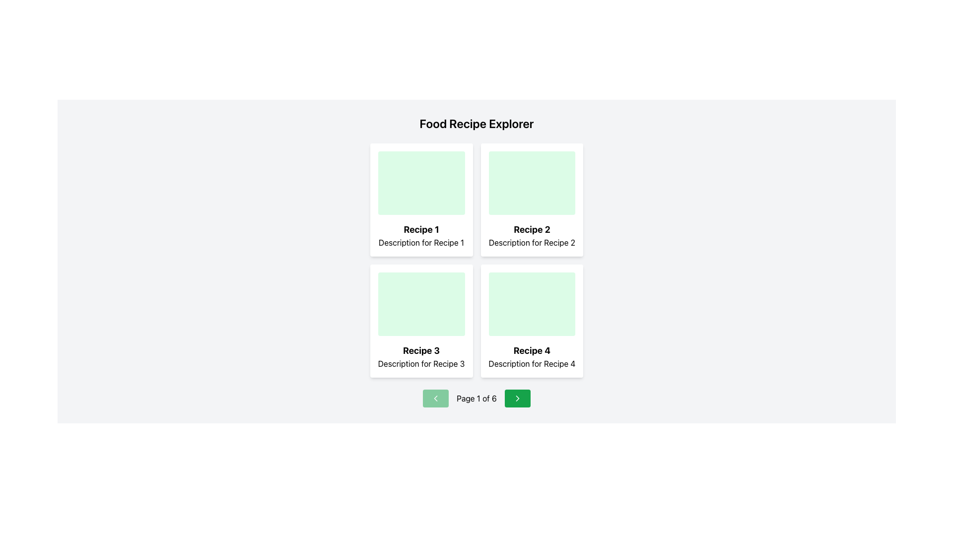 The width and height of the screenshot is (953, 536). I want to click on the pagination control button located at the bottom-right corner of the 'Page 1 of 6' component, so click(517, 398).